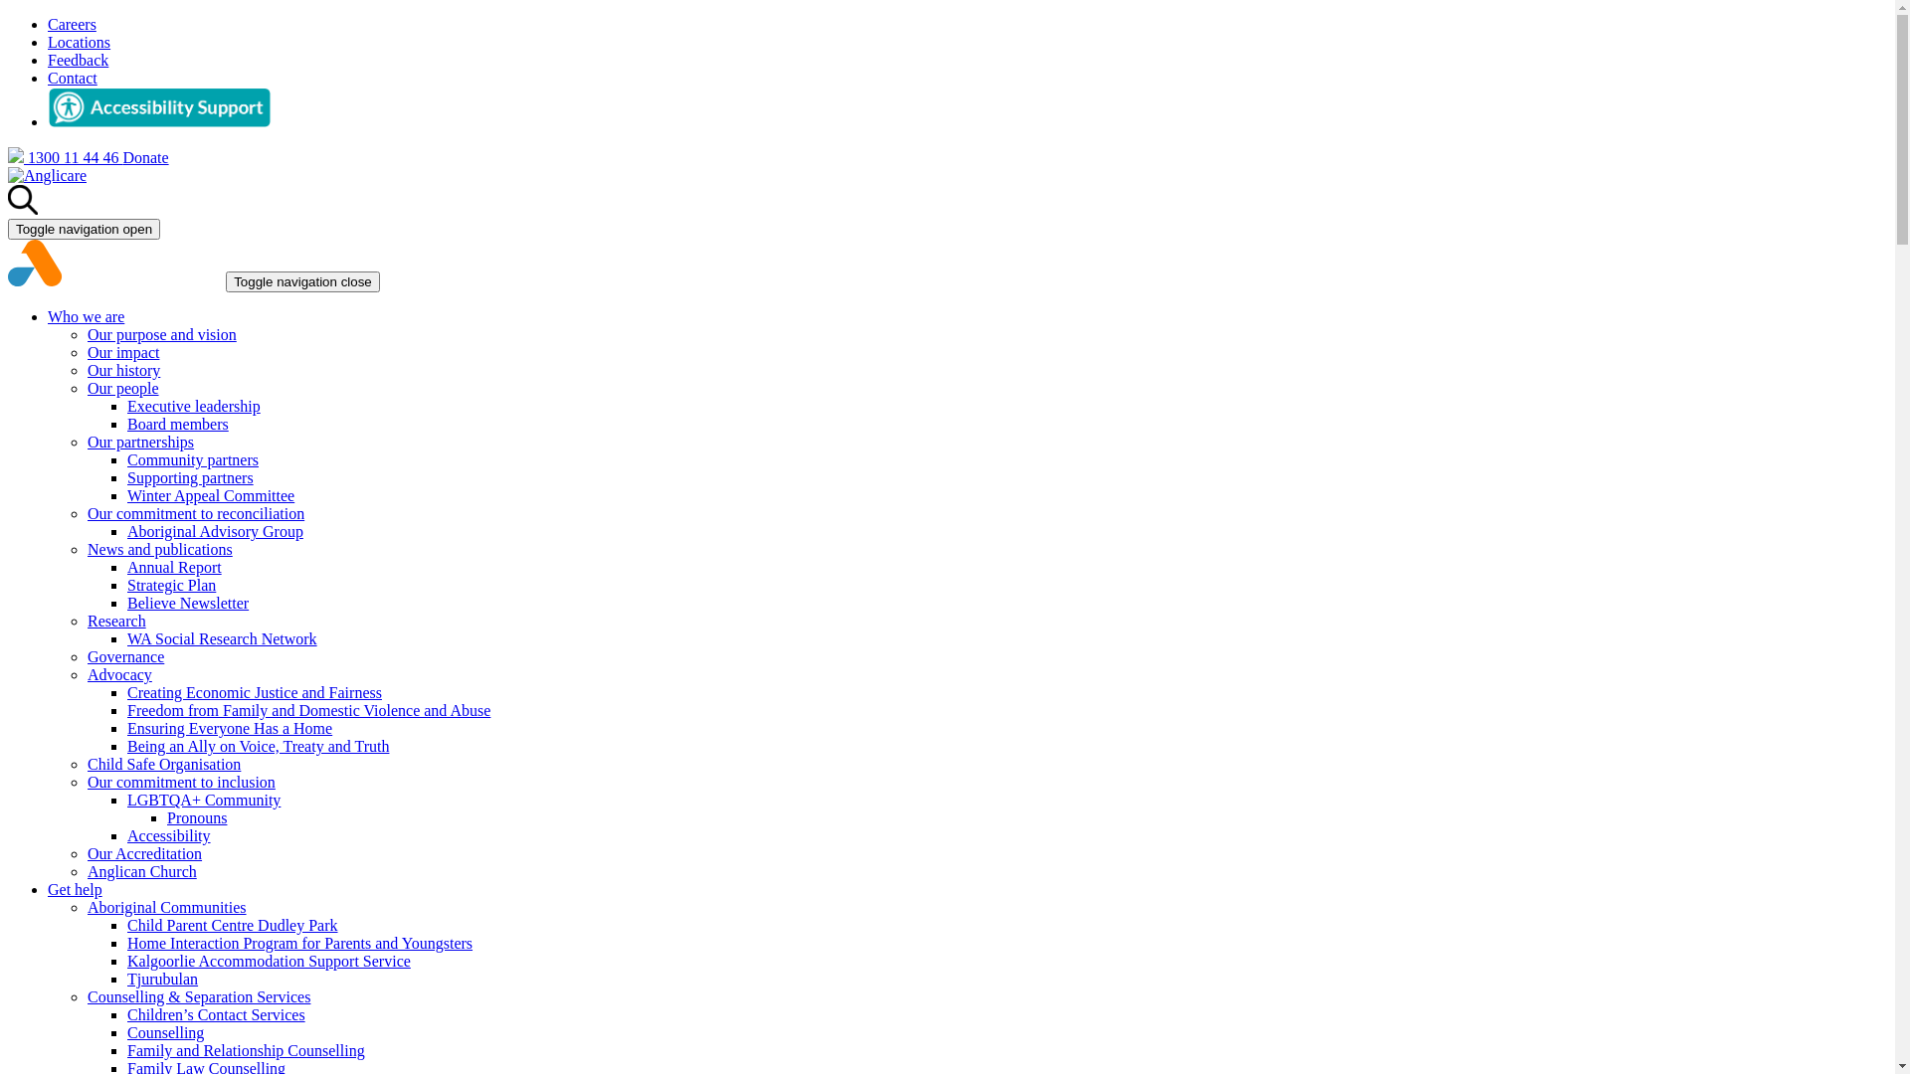 This screenshot has width=1910, height=1074. I want to click on 'WA Social Research Network', so click(222, 638).